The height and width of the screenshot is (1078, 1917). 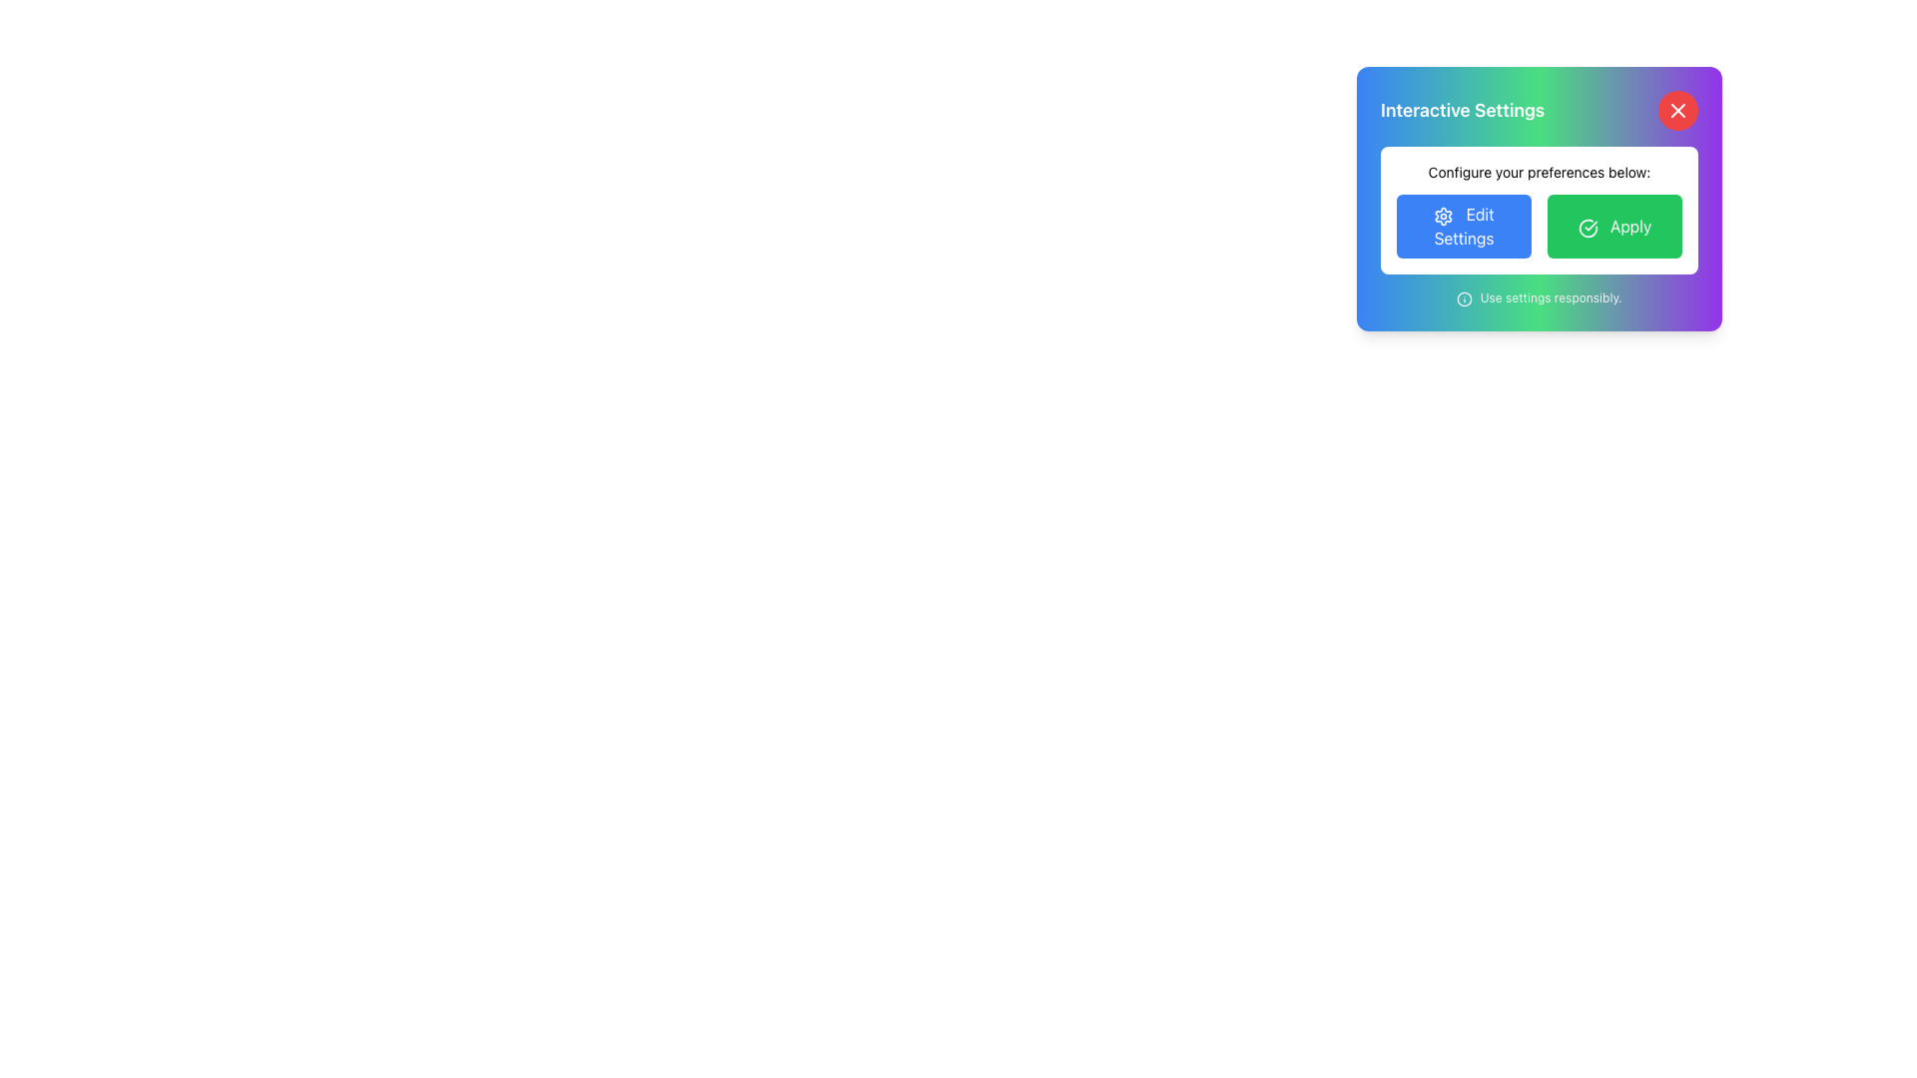 I want to click on the settings button located in the left section of the horizontal button group within the modal overlay to initiate the settings editing process, so click(x=1464, y=226).